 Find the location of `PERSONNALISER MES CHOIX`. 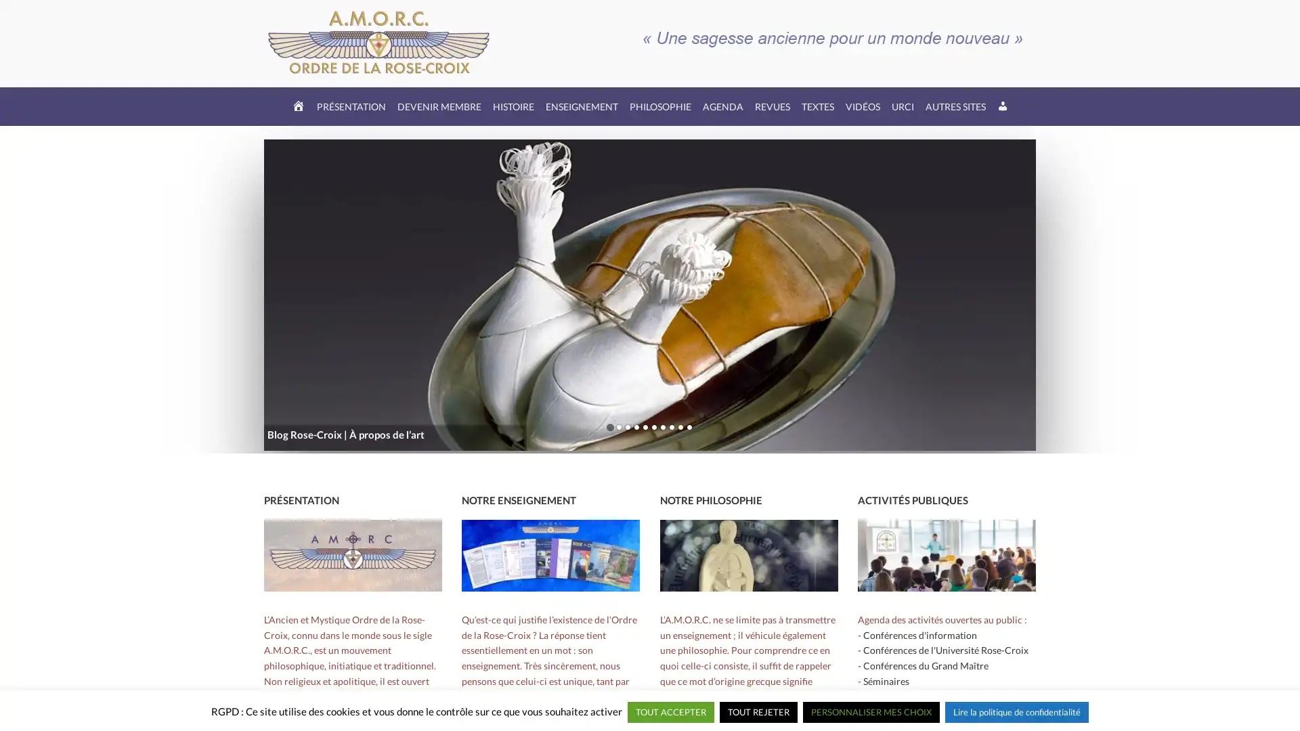

PERSONNALISER MES CHOIX is located at coordinates (871, 711).